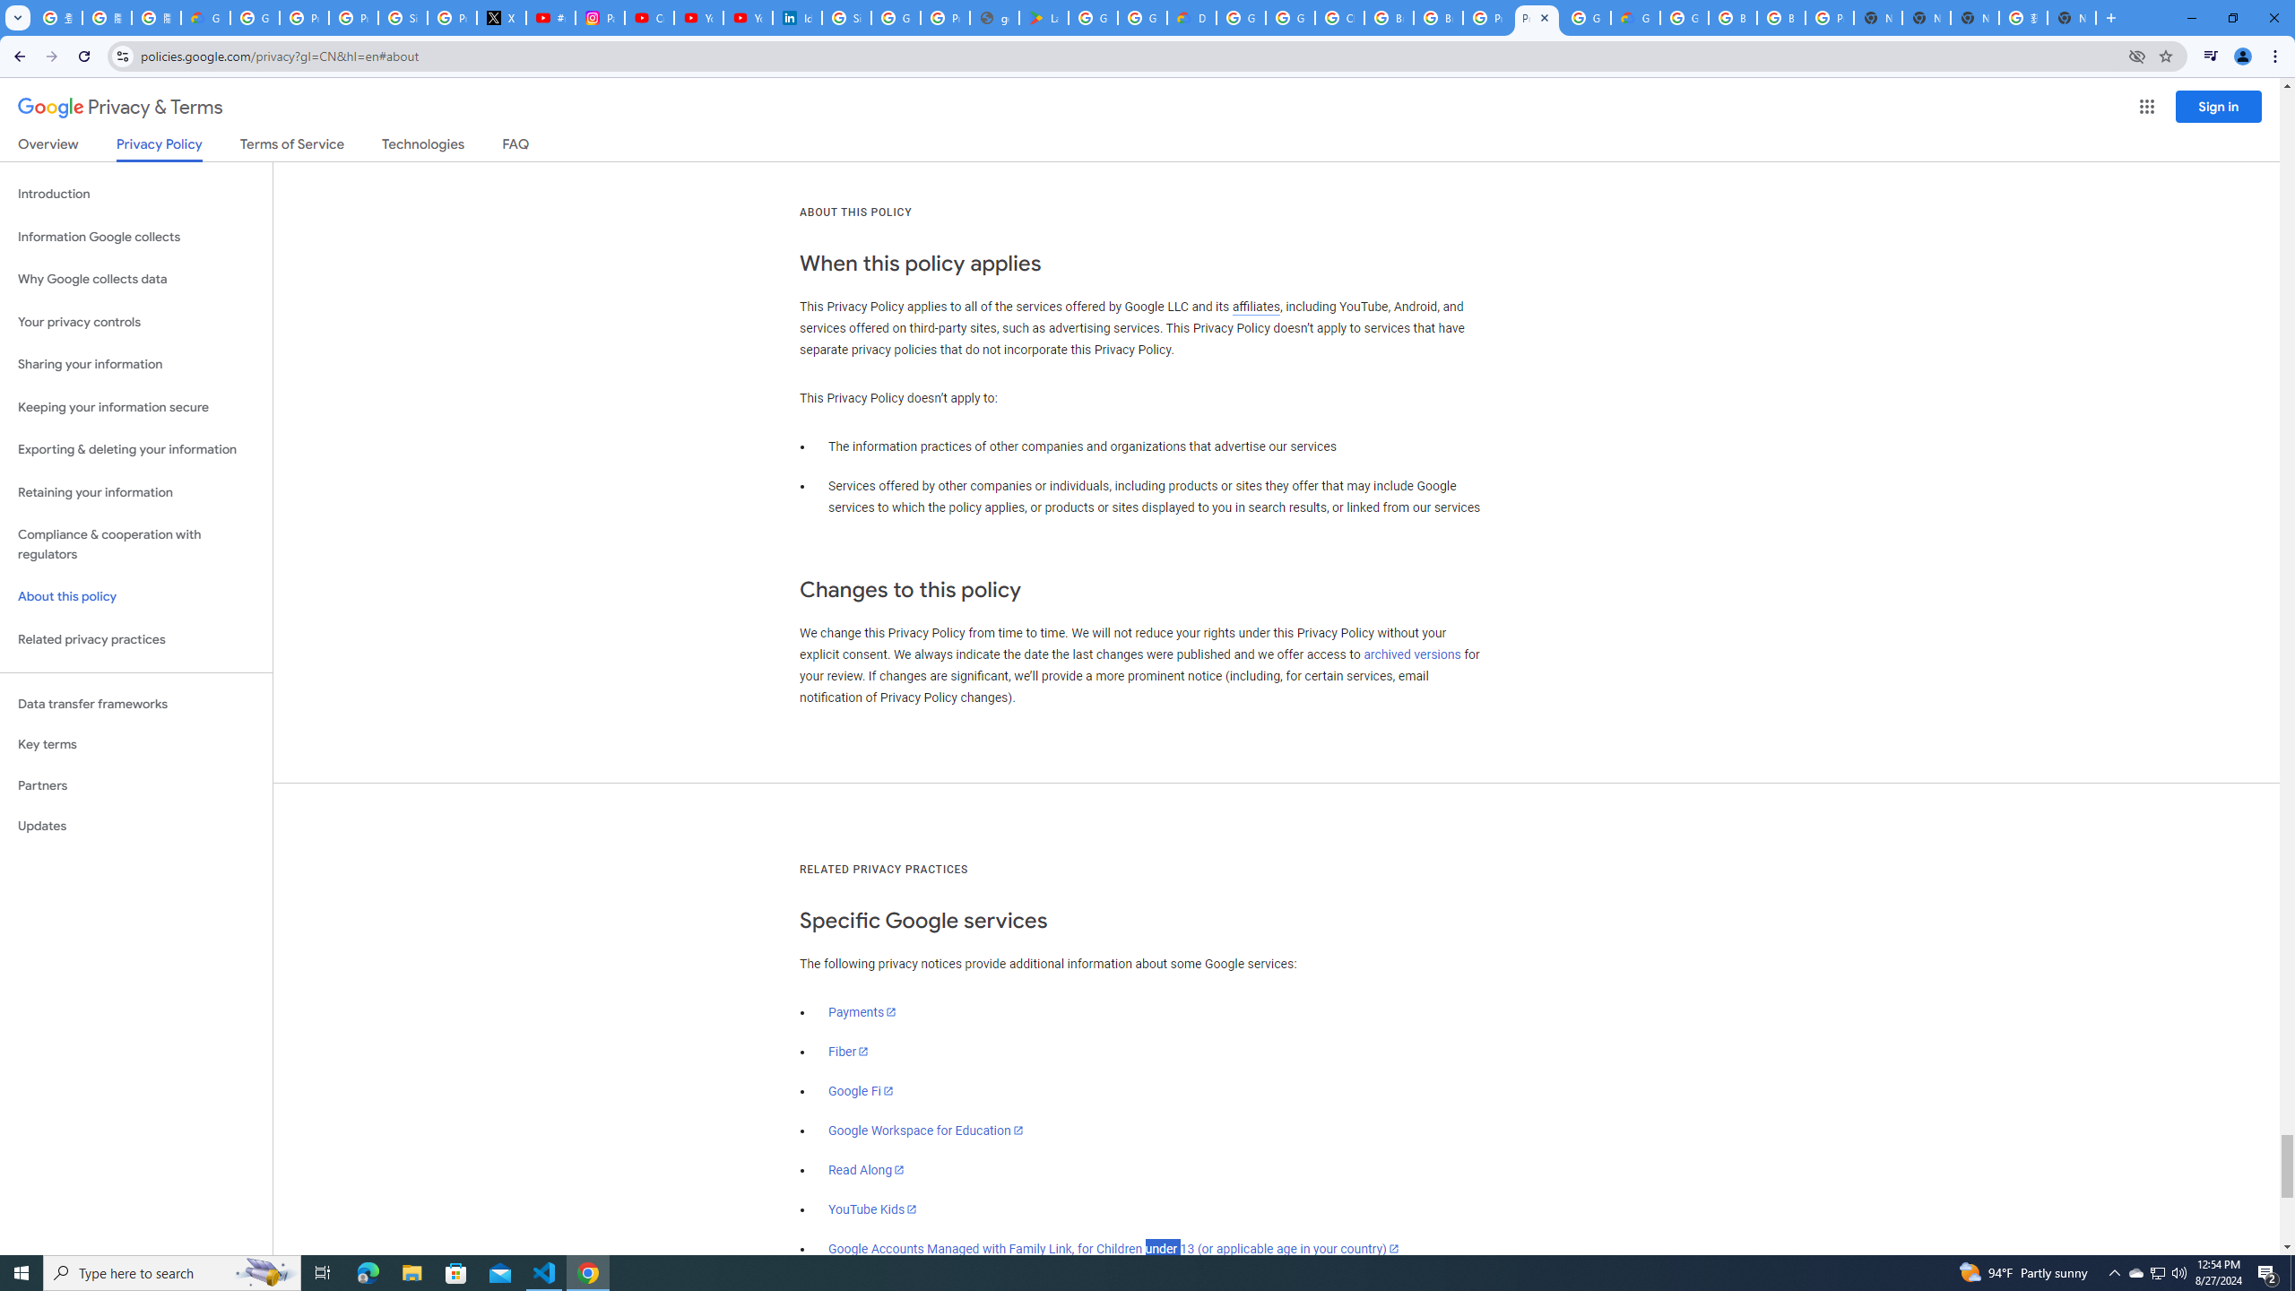 Image resolution: width=2295 pixels, height=1291 pixels. I want to click on 'Browse Chrome as a guest - Computer - Google Chrome Help', so click(1732, 17).